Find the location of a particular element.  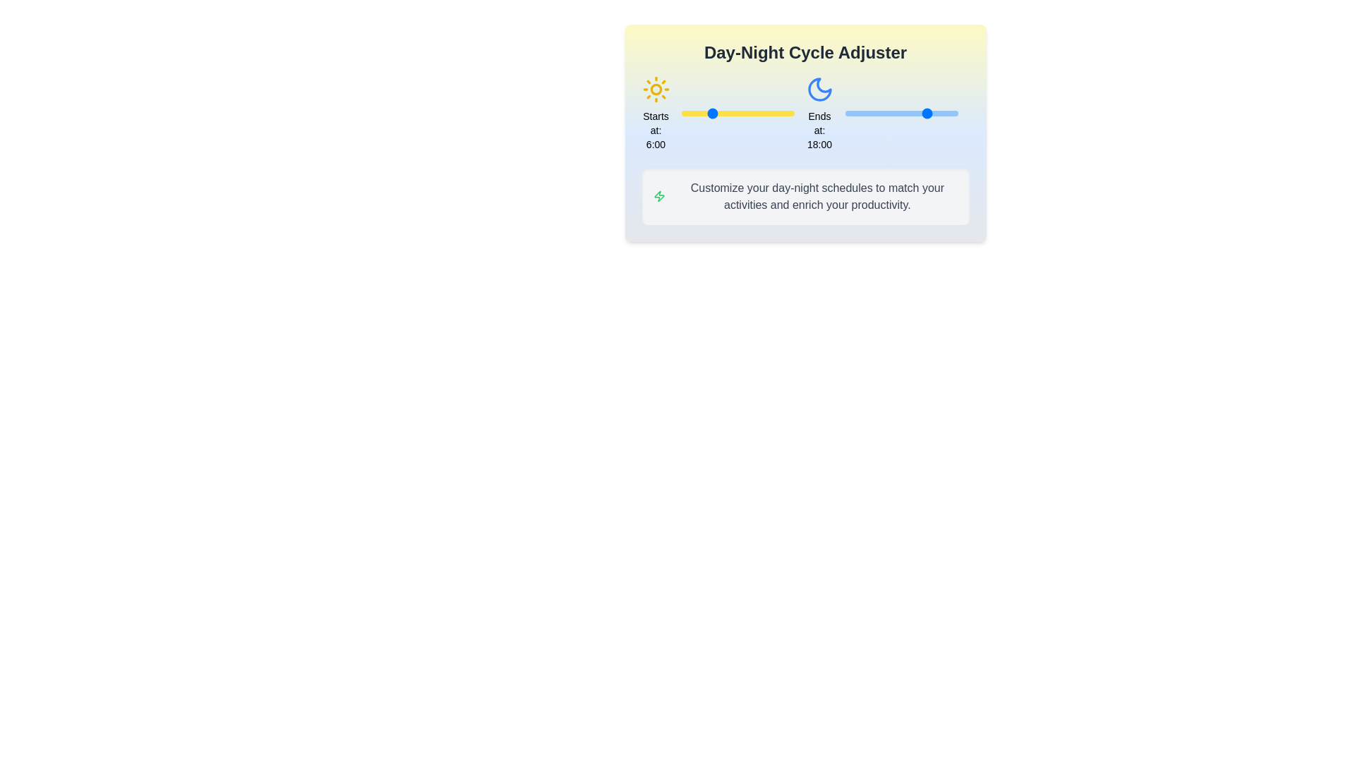

the end time of the day cycle to 12 hours using the right slider is located at coordinates (901, 113).